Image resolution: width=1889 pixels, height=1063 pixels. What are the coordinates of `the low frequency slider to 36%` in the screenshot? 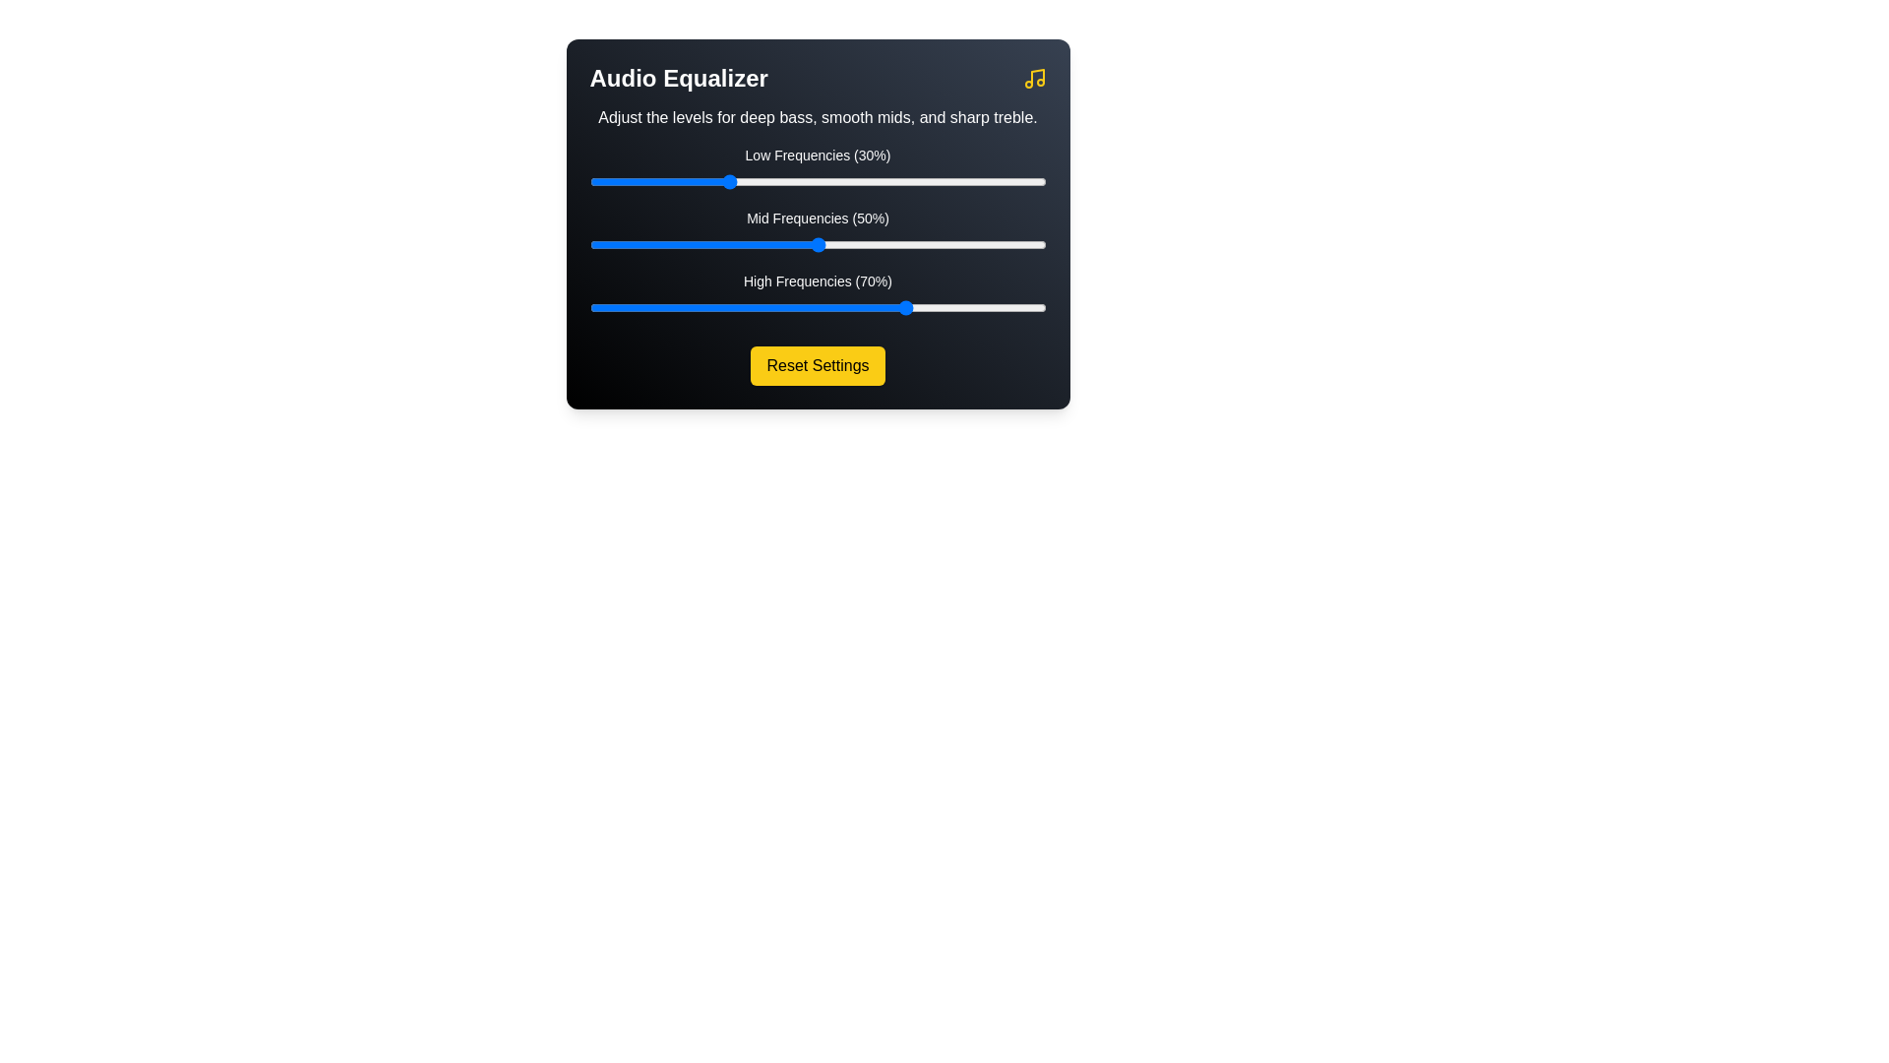 It's located at (753, 182).